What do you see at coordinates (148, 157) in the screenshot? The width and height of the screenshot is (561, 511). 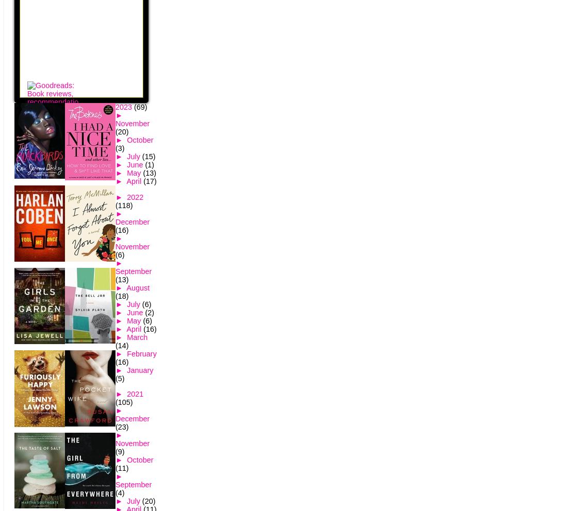 I see `'(15)'` at bounding box center [148, 157].